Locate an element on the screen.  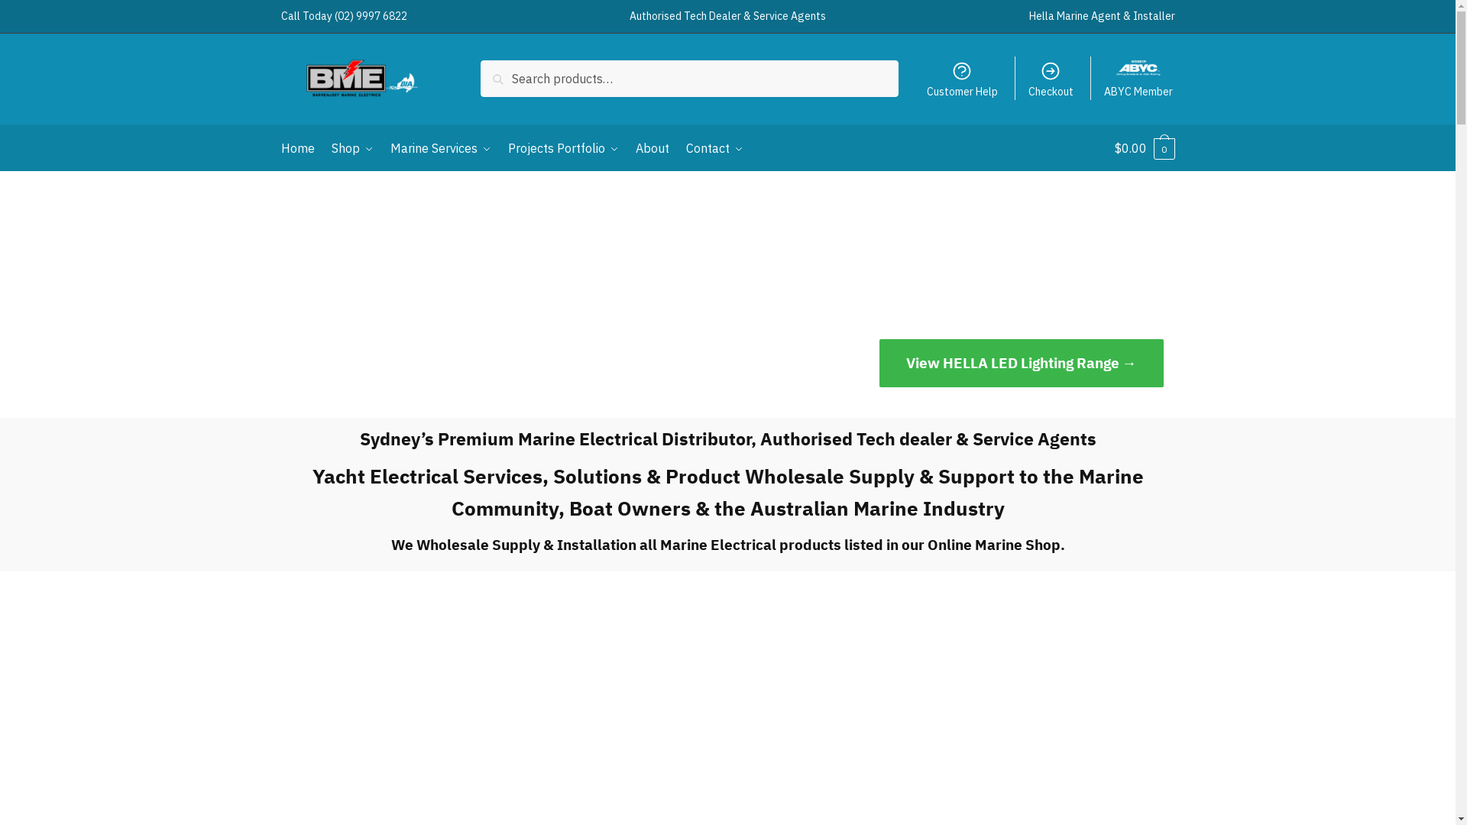
'Home' is located at coordinates (301, 147).